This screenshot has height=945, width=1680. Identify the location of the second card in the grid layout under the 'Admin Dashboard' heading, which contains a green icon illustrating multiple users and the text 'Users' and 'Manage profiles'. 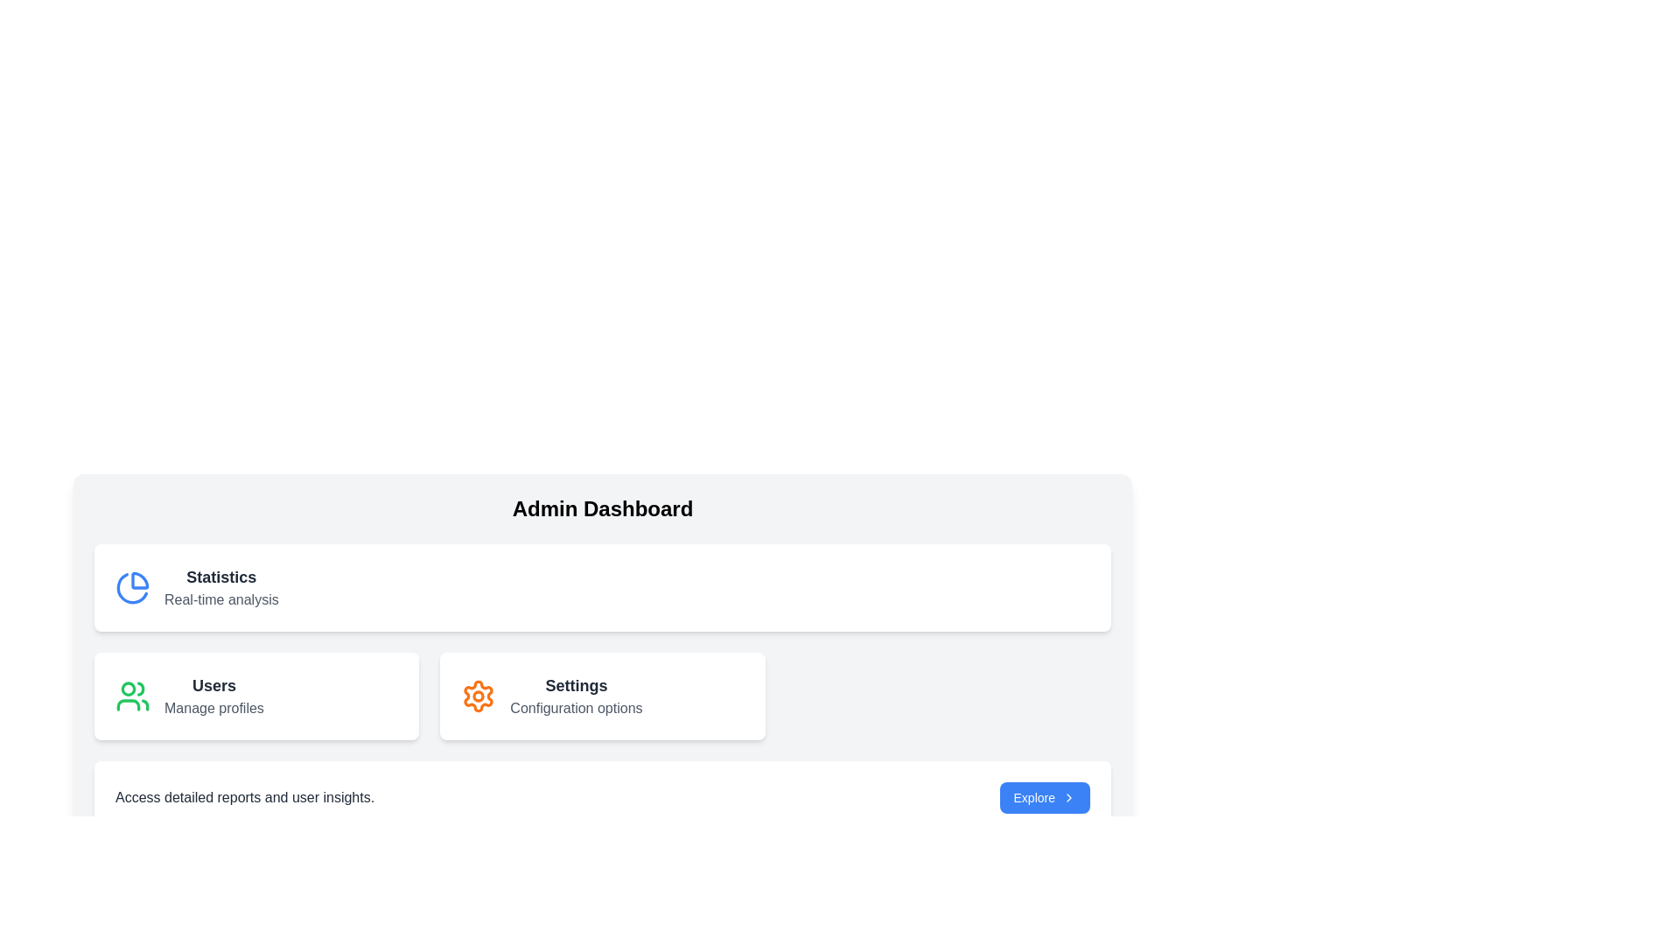
(255, 695).